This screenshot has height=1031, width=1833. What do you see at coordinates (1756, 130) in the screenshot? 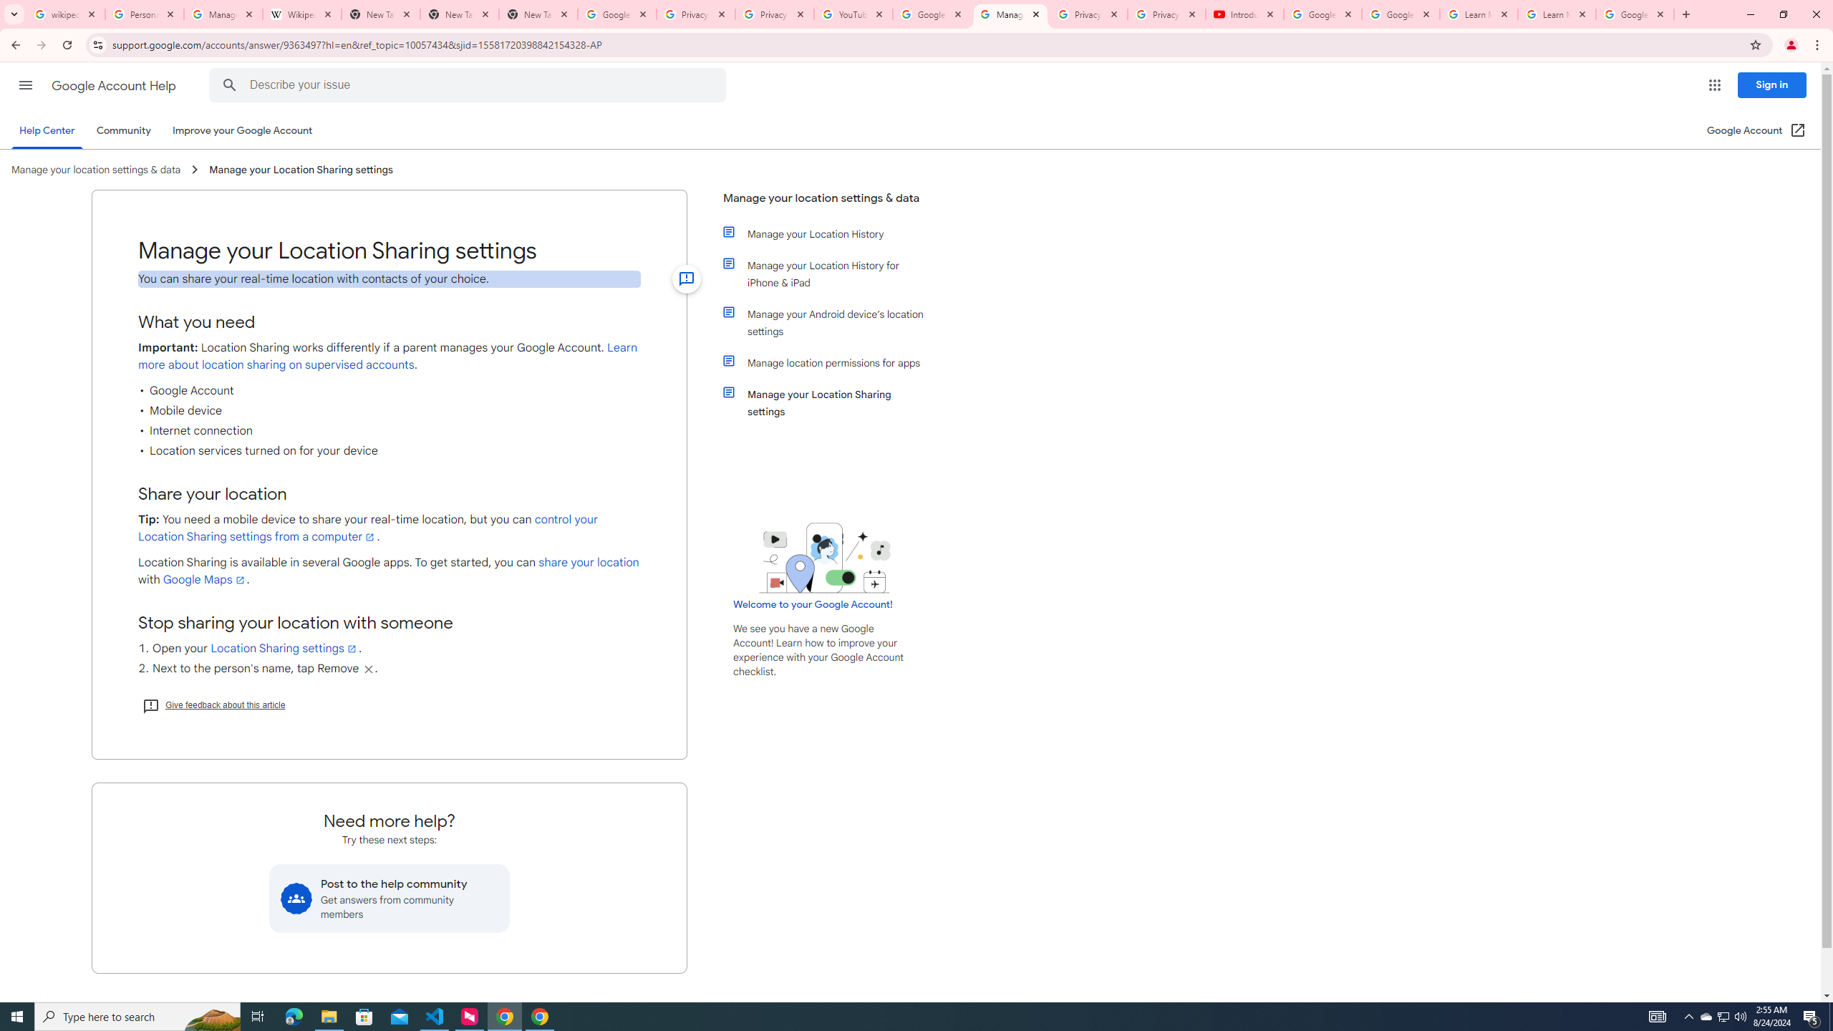
I see `'Google Account (Open in a new window)'` at bounding box center [1756, 130].